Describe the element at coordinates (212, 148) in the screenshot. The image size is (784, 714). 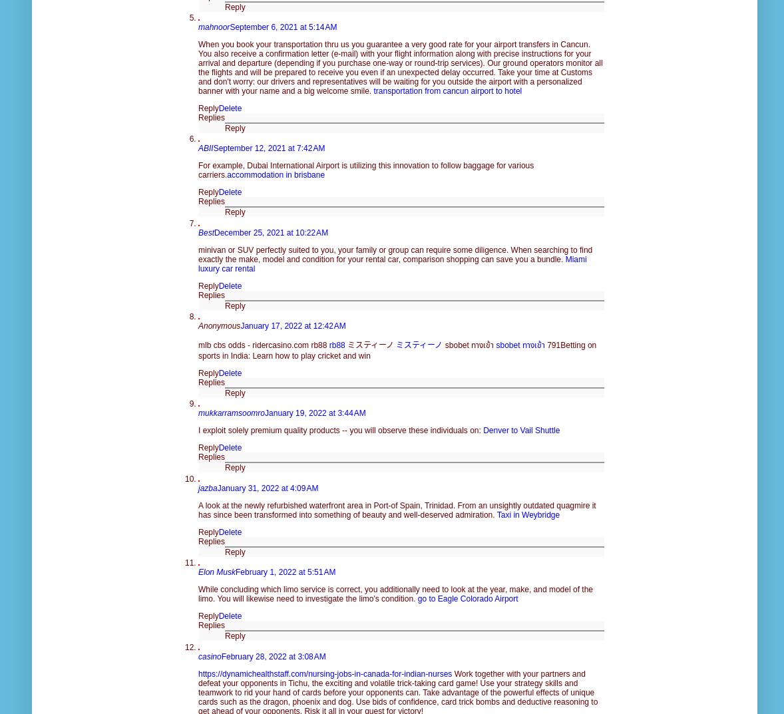
I see `'September 12, 2021 at 7:42 AM'` at that location.